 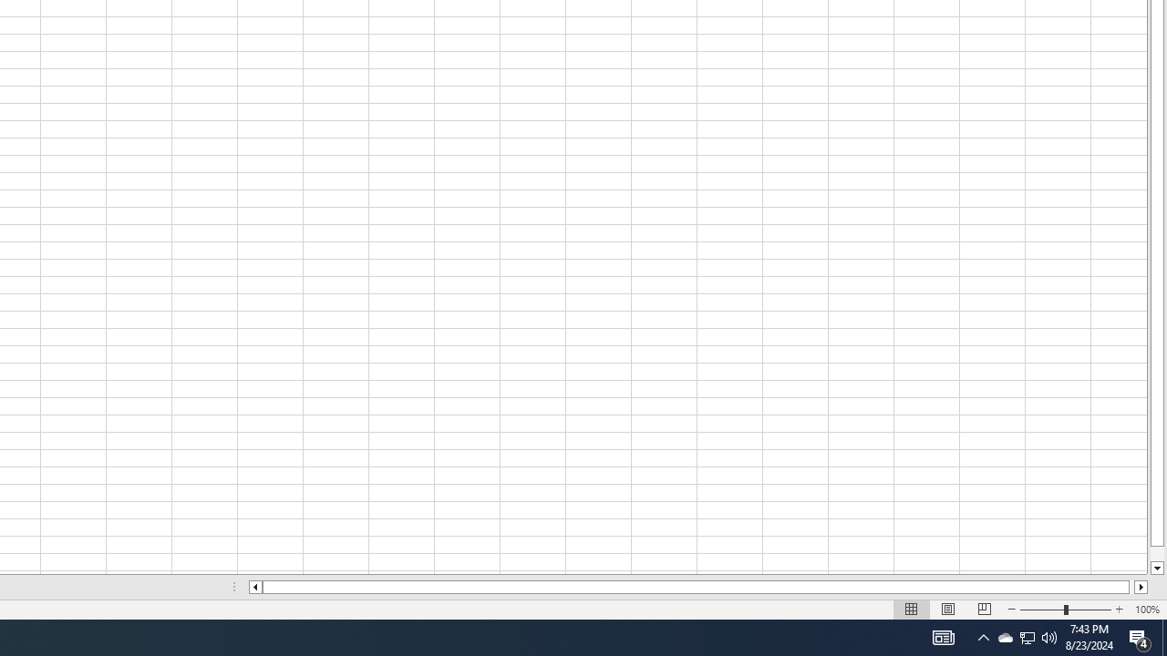 I want to click on 'Column left', so click(x=253, y=587).